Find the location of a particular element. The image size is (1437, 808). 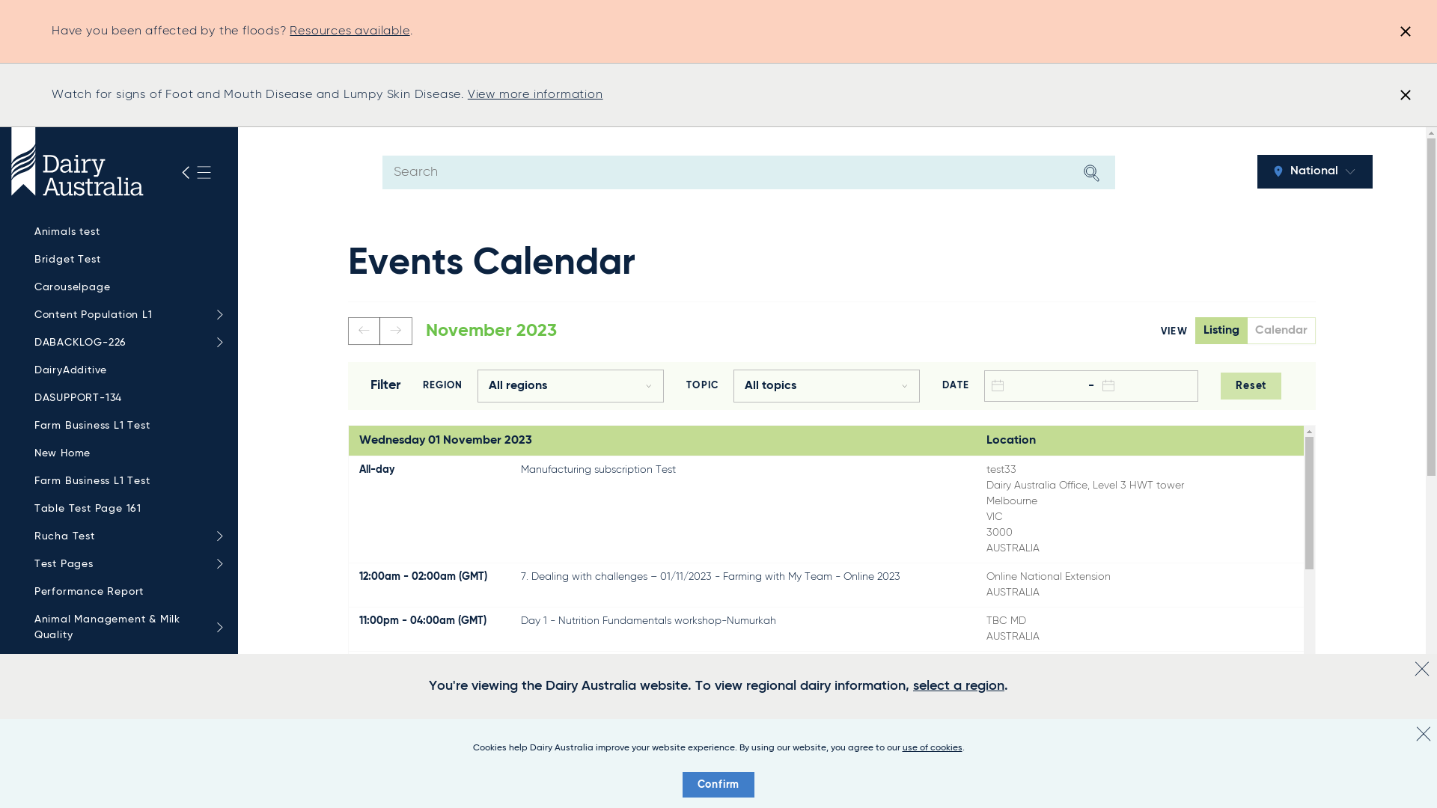

'Animals test' is located at coordinates (125, 232).